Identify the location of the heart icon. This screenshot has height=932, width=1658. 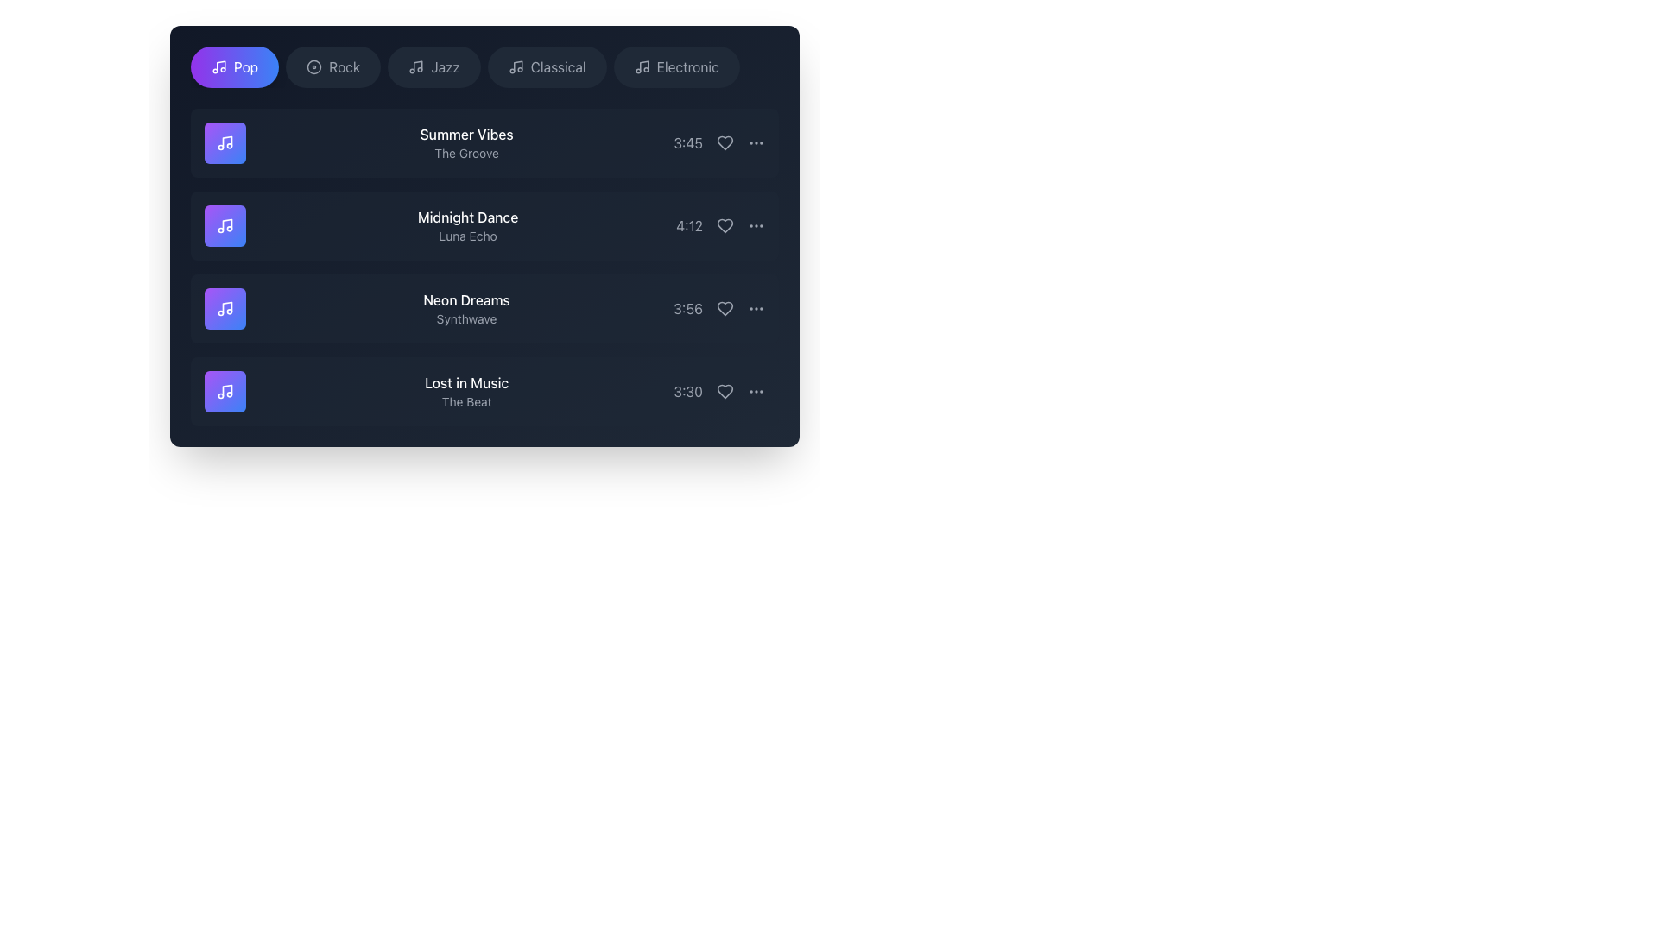
(725, 225).